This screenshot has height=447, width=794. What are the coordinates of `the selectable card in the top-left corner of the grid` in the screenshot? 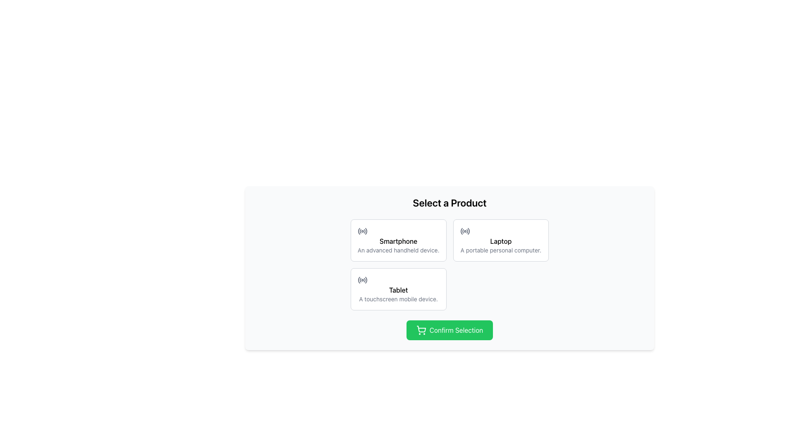 It's located at (398, 240).